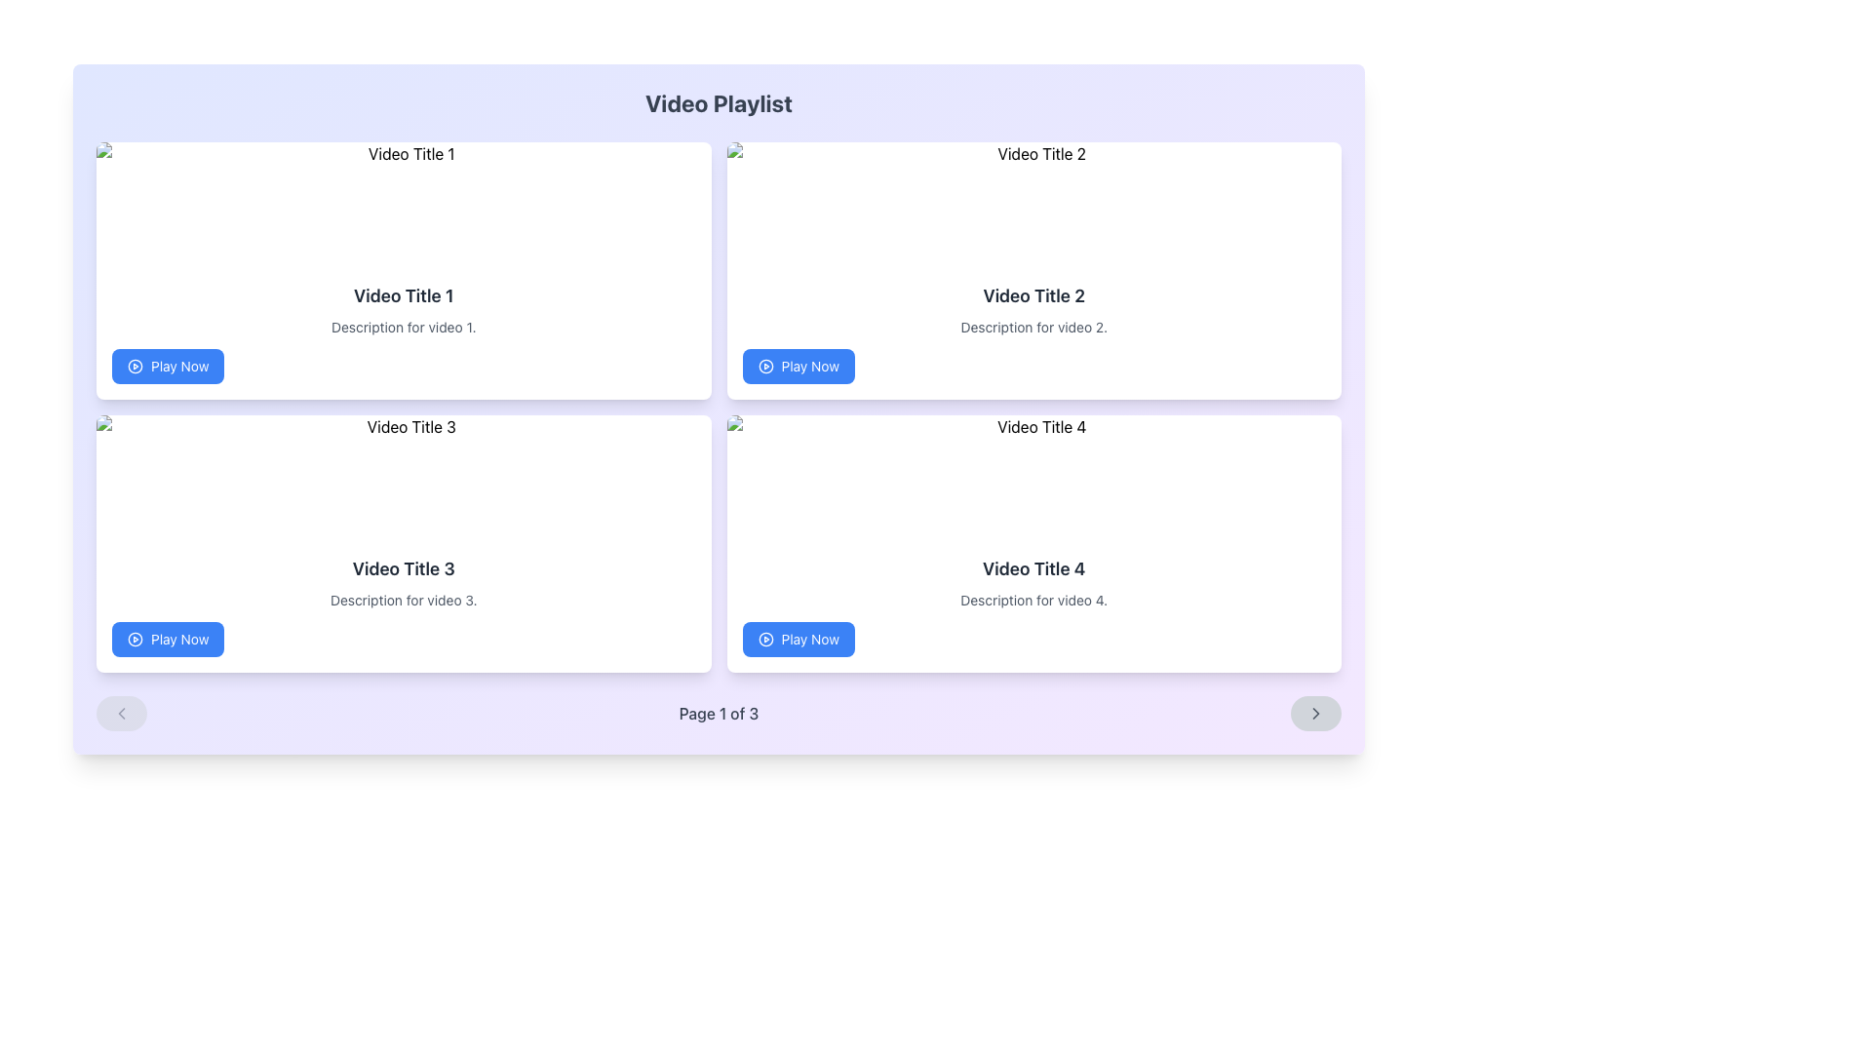 The image size is (1872, 1053). Describe the element at coordinates (135, 366) in the screenshot. I see `the circular play icon with a triangle pointing to the right, embedded within the blue 'Play Now' button in the upper-left card labeled 'Video Title 1', to initiate playback` at that location.